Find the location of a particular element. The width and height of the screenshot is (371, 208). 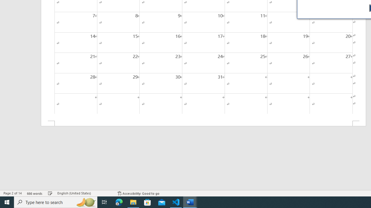

'Language English (United States)' is located at coordinates (84, 193).